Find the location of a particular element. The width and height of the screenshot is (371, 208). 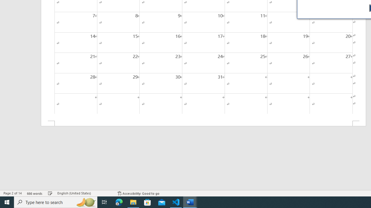

'Language English (United States)' is located at coordinates (84, 193).